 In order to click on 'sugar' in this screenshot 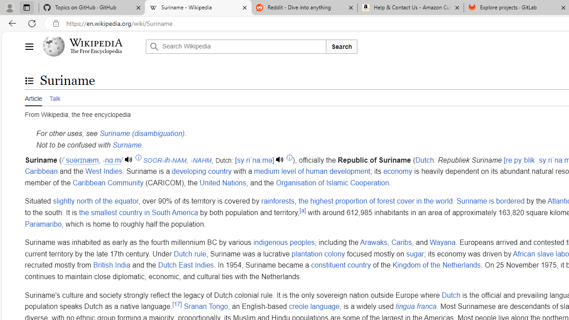, I will do `click(414, 254)`.